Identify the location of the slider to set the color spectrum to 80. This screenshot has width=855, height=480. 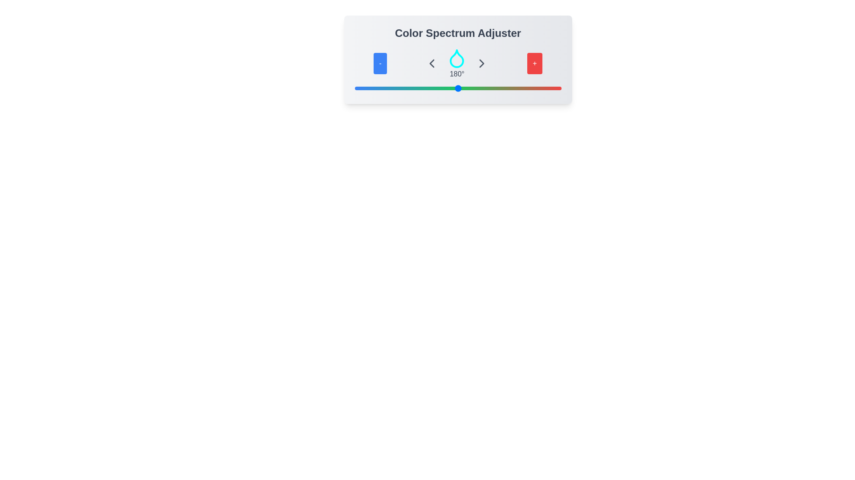
(400, 88).